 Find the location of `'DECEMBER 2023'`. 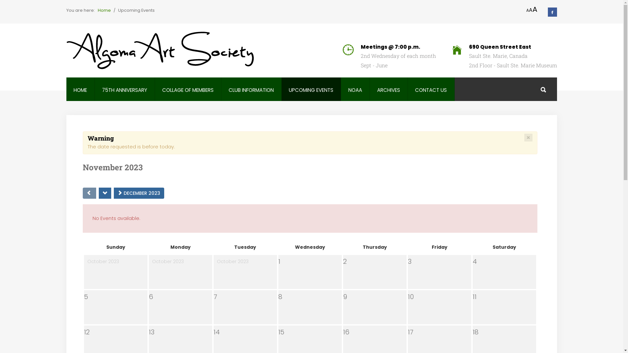

'DECEMBER 2023' is located at coordinates (139, 193).